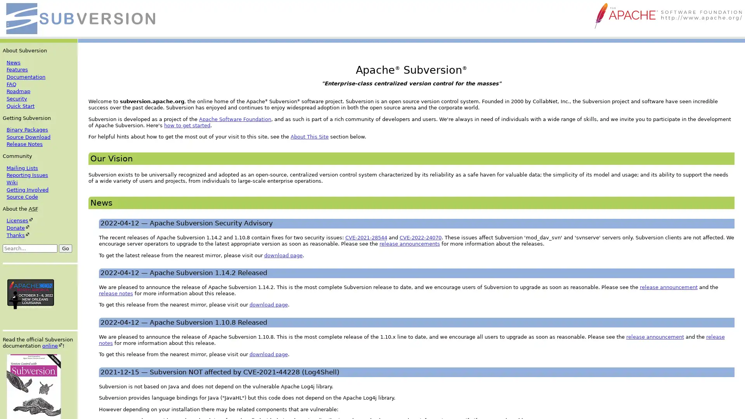  I want to click on Go, so click(65, 248).